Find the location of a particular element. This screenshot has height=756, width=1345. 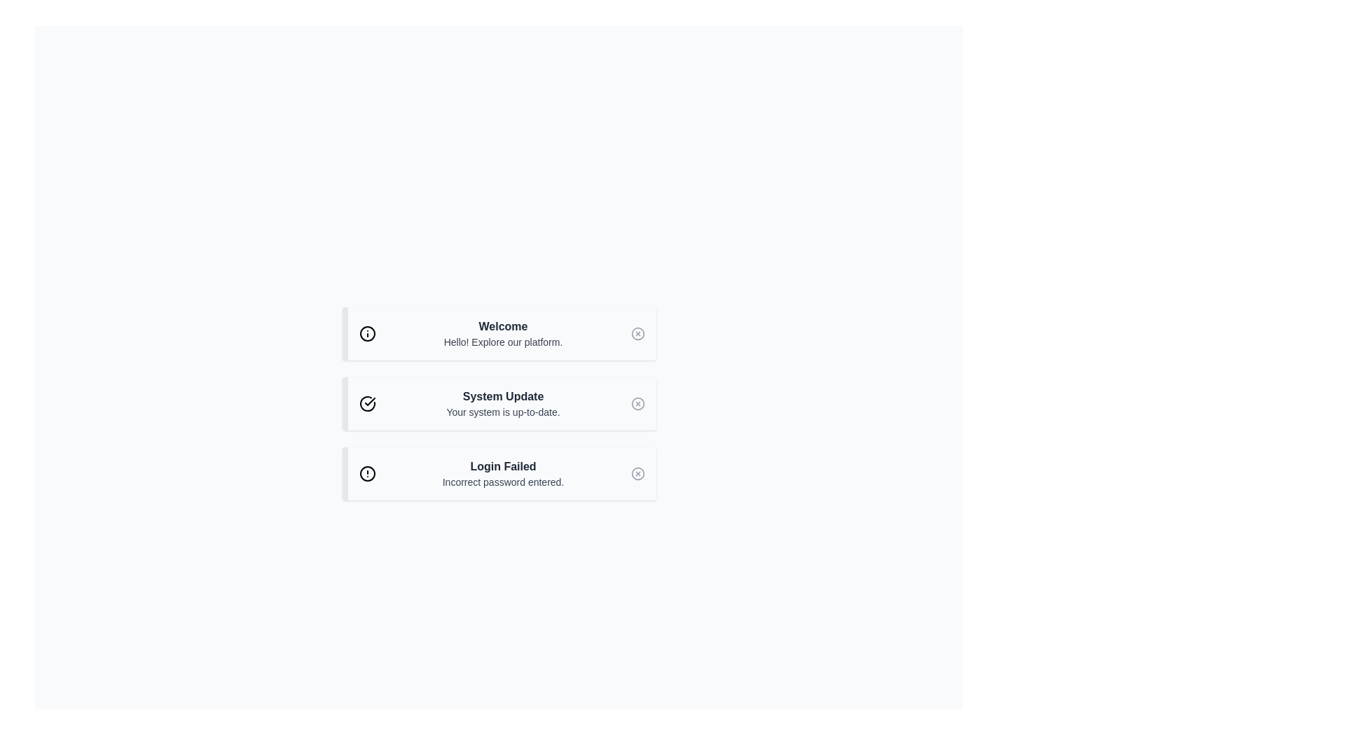

the close button located at the far-right side of the 'Login Failed' notification message is located at coordinates (637, 473).